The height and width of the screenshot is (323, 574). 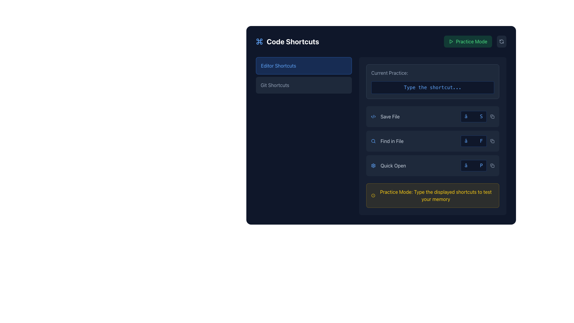 I want to click on the blue SVG icon that resembles a coding or XML tag symbol, which is located immediately preceding the 'Save File' text label, so click(x=373, y=116).